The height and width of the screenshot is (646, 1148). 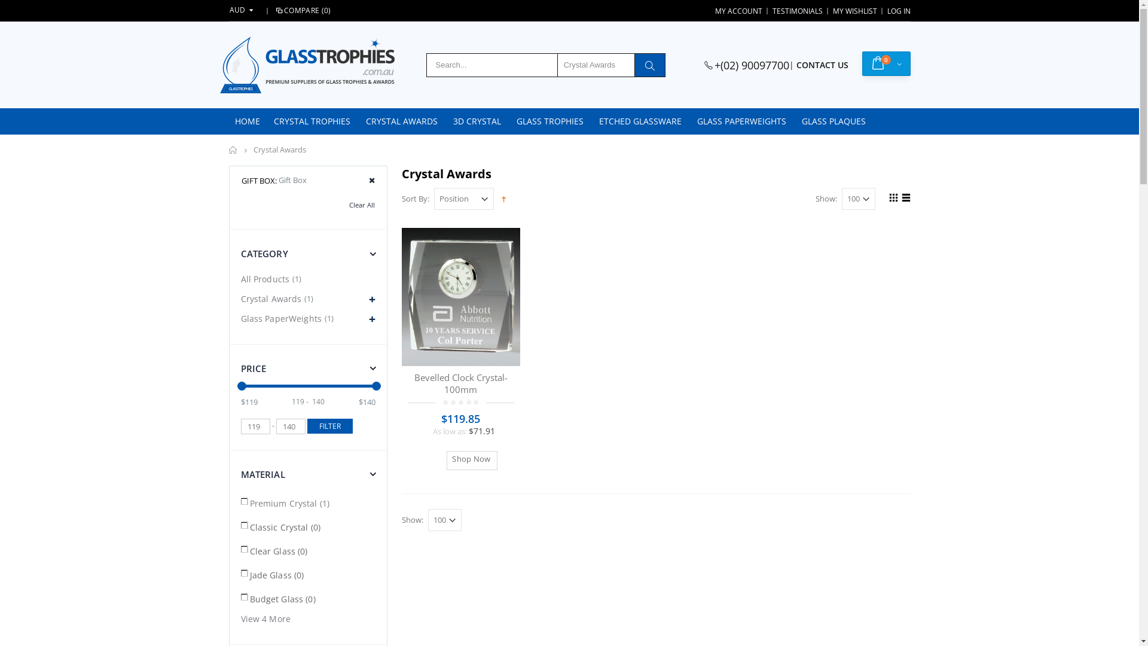 I want to click on 'Remove This Item', so click(x=367, y=181).